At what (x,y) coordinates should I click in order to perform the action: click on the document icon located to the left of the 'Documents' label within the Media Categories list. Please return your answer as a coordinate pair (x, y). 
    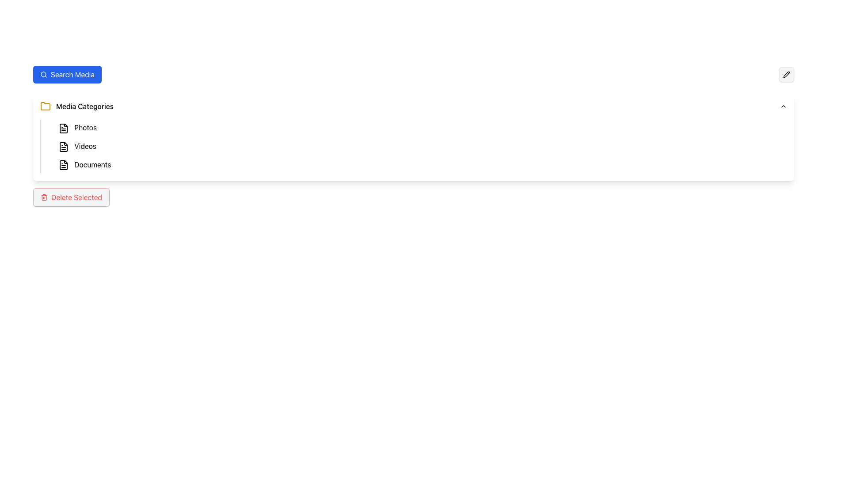
    Looking at the image, I should click on (63, 165).